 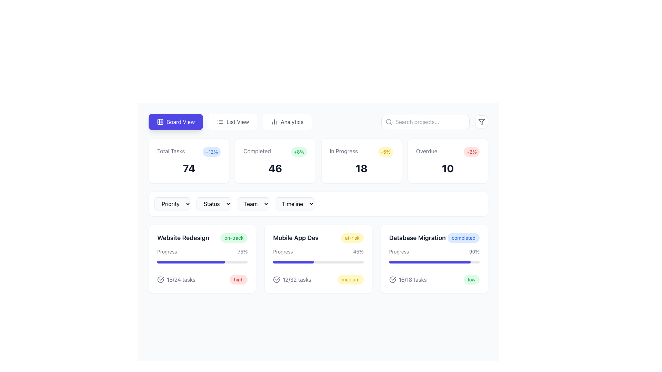 What do you see at coordinates (297, 280) in the screenshot?
I see `the text display indicating progress for completed tasks in the 'Mobile App Dev' category, located below the blue progress bar and to the right of the checkmark icon` at bounding box center [297, 280].